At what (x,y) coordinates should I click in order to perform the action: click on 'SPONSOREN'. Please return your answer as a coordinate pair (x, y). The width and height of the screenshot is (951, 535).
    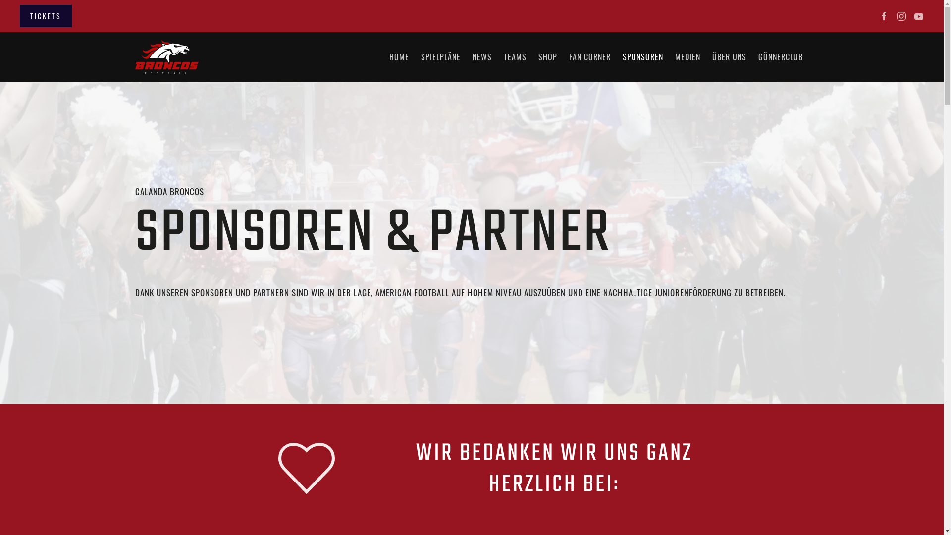
    Looking at the image, I should click on (642, 57).